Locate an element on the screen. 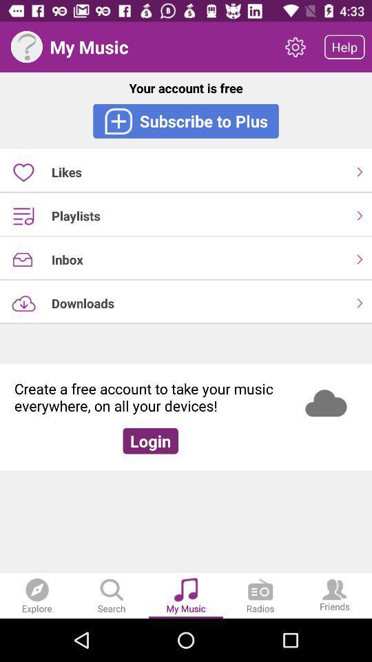 This screenshot has height=662, width=372. the item below your account is is located at coordinates (186, 120).